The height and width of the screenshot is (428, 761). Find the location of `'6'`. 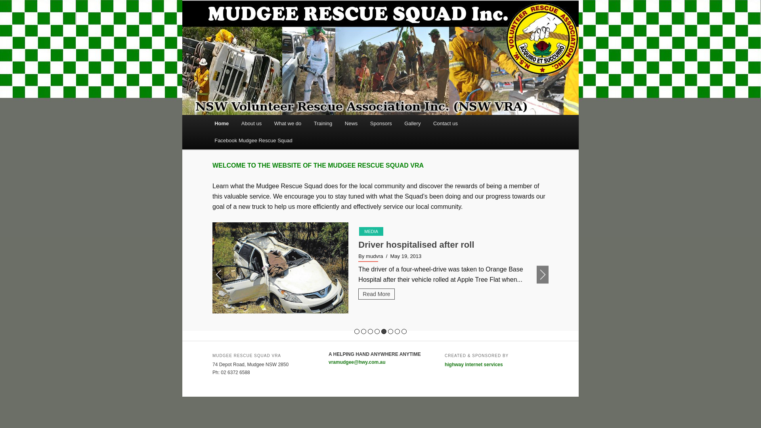

'6' is located at coordinates (390, 331).